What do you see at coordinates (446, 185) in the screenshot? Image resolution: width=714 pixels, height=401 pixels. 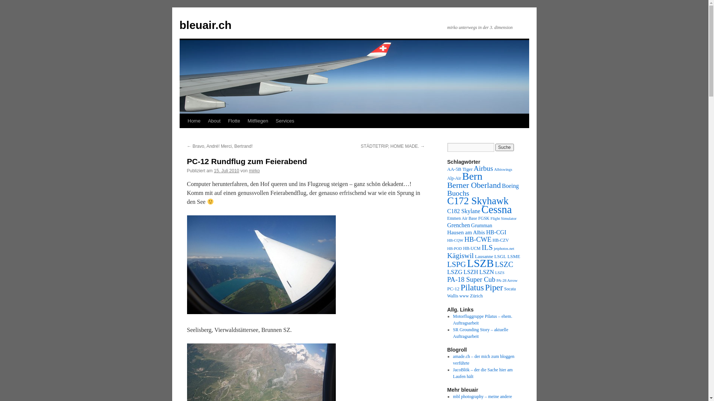 I see `'Berner Oberland'` at bounding box center [446, 185].